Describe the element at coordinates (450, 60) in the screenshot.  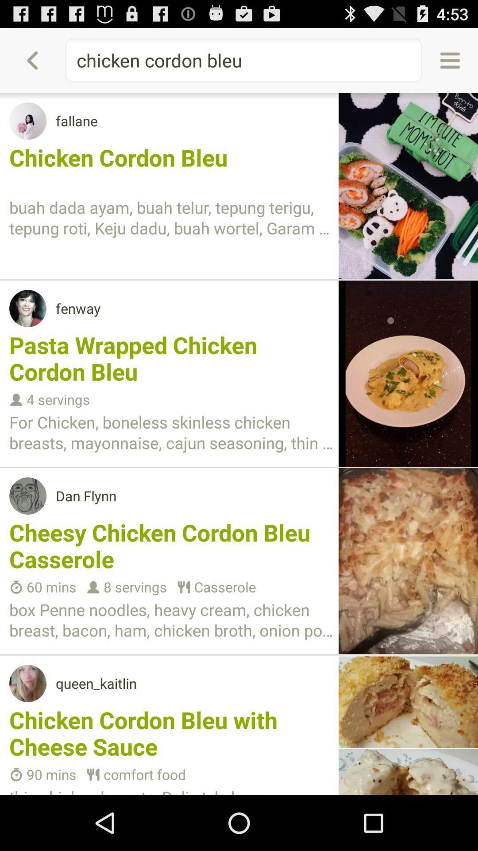
I see `the icon to the right of chicken cordon bleu icon` at that location.